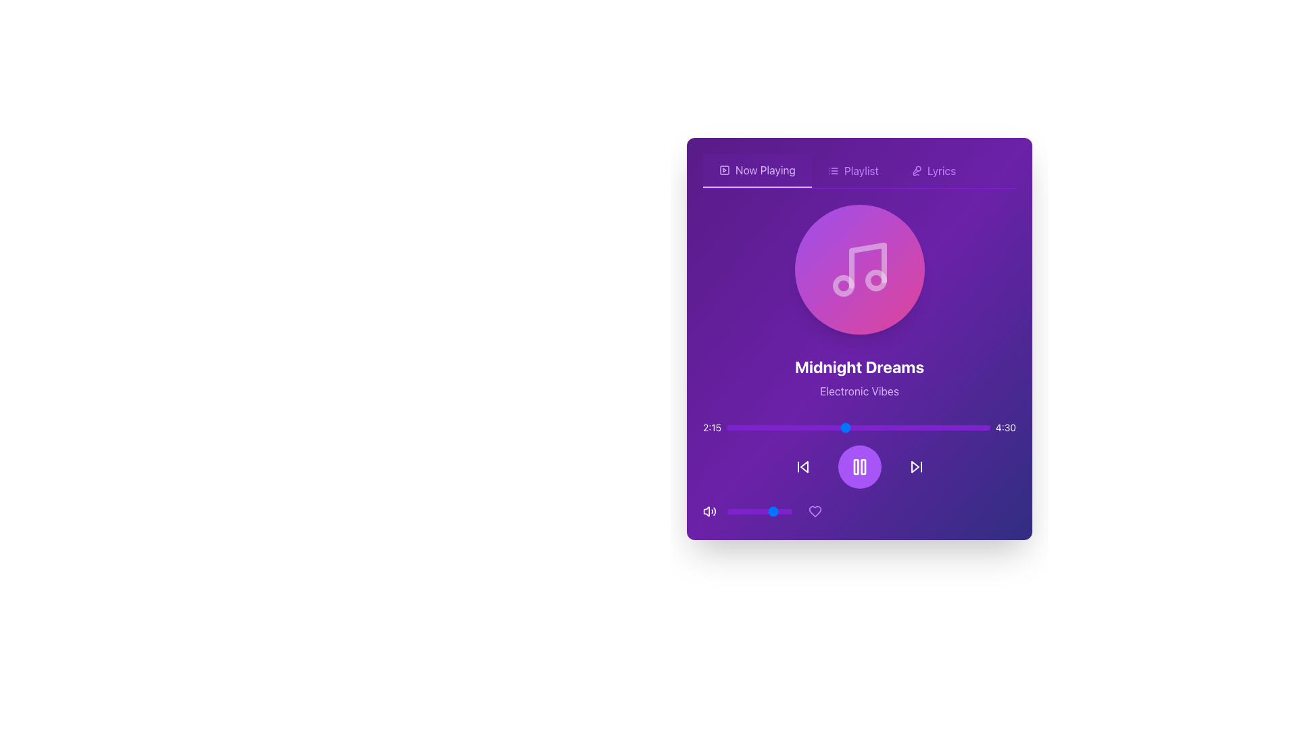 The image size is (1298, 730). I want to click on the pause button located at the bottom center of the control panel, so click(859, 471).